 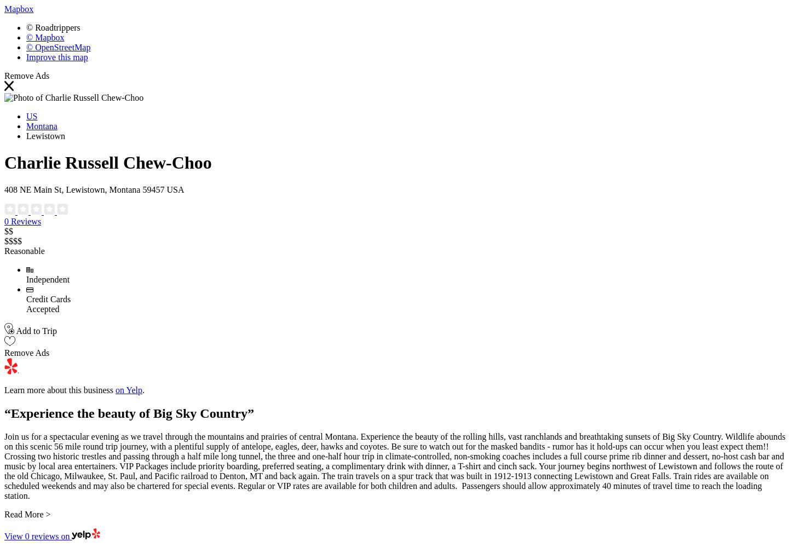 What do you see at coordinates (394, 466) in the screenshot?
I see `'Join us for a spectacular evening as we travel through the mountains and prairies of central Montana. Experience the beauty of the rolling hills, vast ranchlands and breathtaking sunsets of Big Sky Country. Wildlife abounds on this scenic 56 mile round trip journey, with a plentiful supply of antelope, eagles, deer, hawks and coyotes. Be sure to watch out for the masked bandits - rumor has it hold-ups can occur when you least expect them!!

Crossing two historic trestles and passing through a half mile long tunnel, the three and one-half hour trip in climate-controlled, non-smoking coaches includes a full course prime rib dinner and dessert, no-host cash bar and music by local area entertainers. VIP Packages include priority boarding, preferred seating, a complimentary drink with dinner, a T-shirt and cinch sack.

Your journey begins northwest of Lewistown and follows the route of the old Chicago, Milwaukee, St. Paul, and Pacific railroad to Denton, MT and back again. The train travels on a spur track that was built in 1912-1913 connecting Lewistown and Great Falls.

Train rides are available on scheduled weekends and may also be chartered for special events. Regular or VIP rates are available for both children and adults.  Passengers should allow approximately 40 minutes of travel time to reach the loading station.'` at bounding box center [394, 466].